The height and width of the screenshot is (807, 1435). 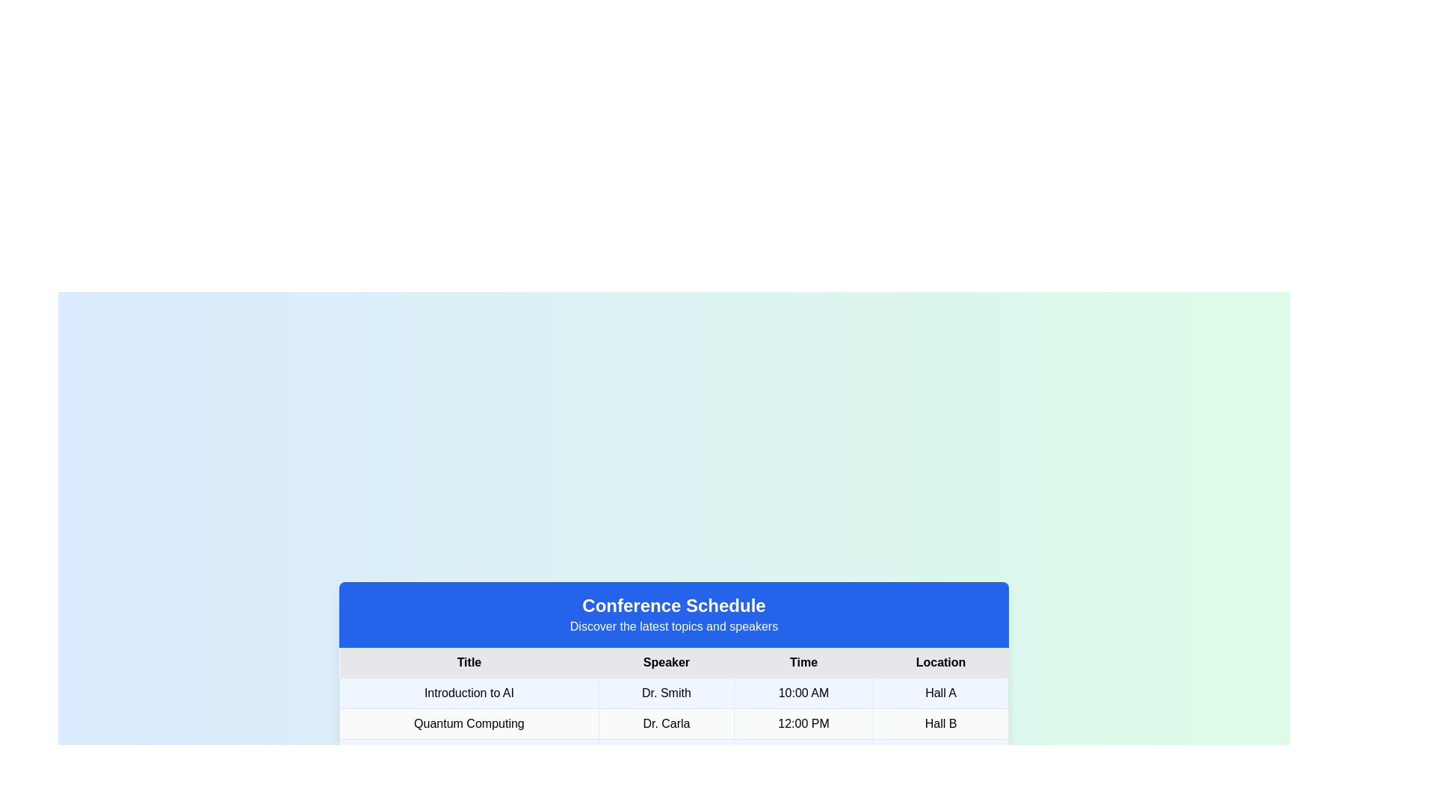 I want to click on text from the second row of the conference schedule table, which contains 'Quantum Computing', 'Dr. Carla', '12:00 PM', and 'Hall B', so click(x=673, y=723).